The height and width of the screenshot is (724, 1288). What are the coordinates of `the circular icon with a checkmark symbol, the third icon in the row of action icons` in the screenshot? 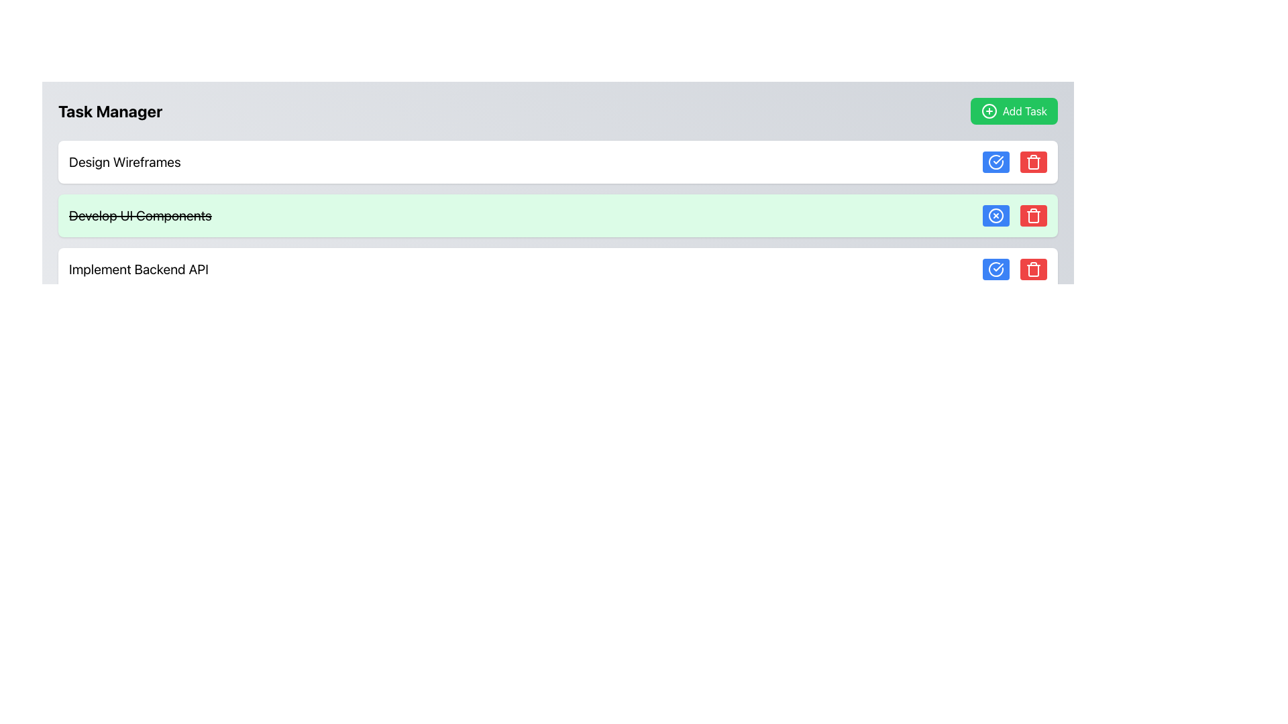 It's located at (996, 162).